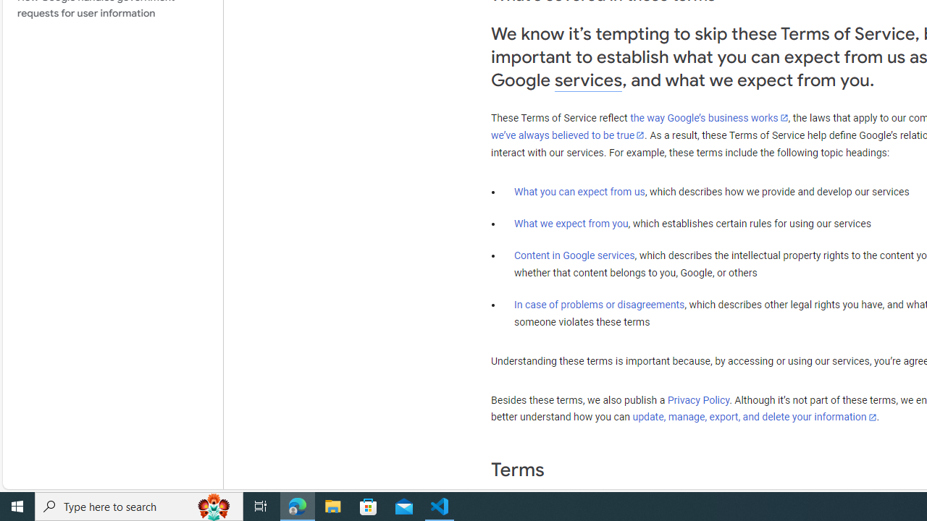  Describe the element at coordinates (753, 418) in the screenshot. I see `'update, manage, export, and delete your information'` at that location.